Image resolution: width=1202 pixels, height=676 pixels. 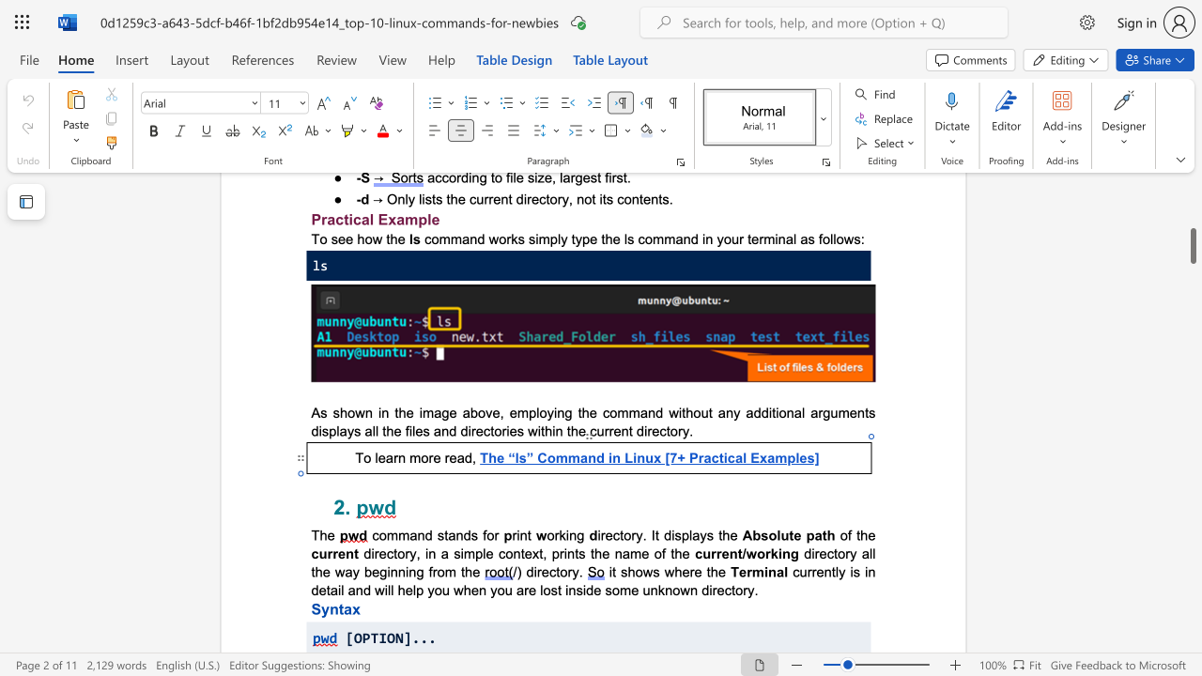 What do you see at coordinates (459, 535) in the screenshot?
I see `the 2th character "n" in the text` at bounding box center [459, 535].